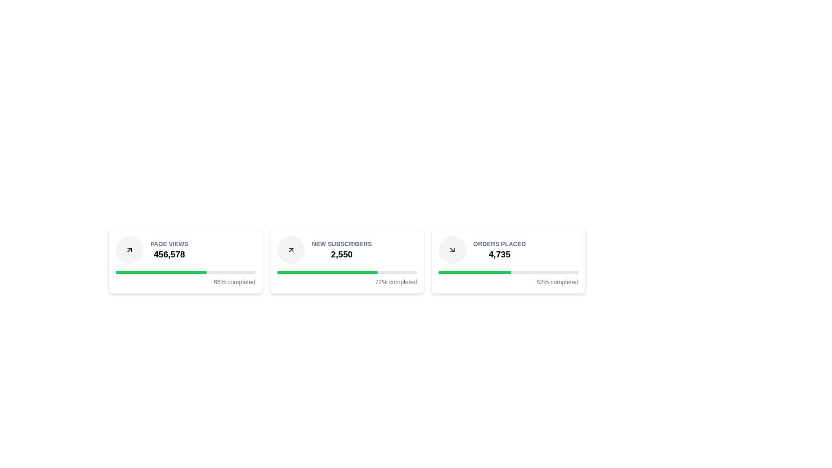 The width and height of the screenshot is (832, 468). Describe the element at coordinates (347, 272) in the screenshot. I see `the current progress value visually by focusing on the horizontal progress bar styled with a gray background and rounded edges, which indicates '72% completed'` at that location.